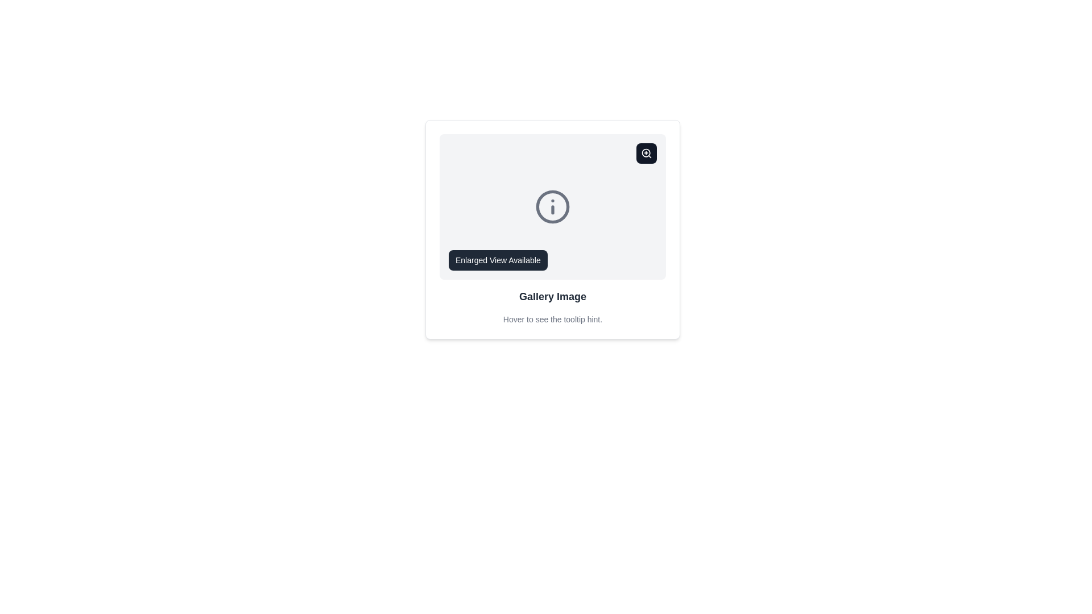 Image resolution: width=1092 pixels, height=614 pixels. Describe the element at coordinates (646, 152) in the screenshot. I see `the Circle element inside the SVG graphic located in the top-right corner of the gallery image section` at that location.